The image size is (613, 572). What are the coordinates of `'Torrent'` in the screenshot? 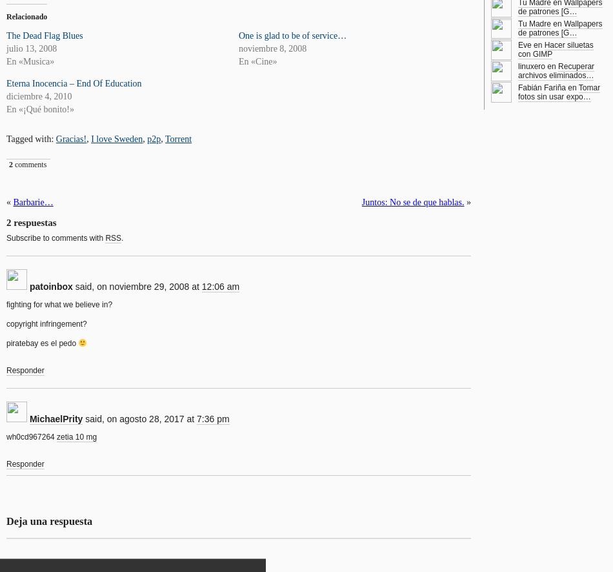 It's located at (177, 139).